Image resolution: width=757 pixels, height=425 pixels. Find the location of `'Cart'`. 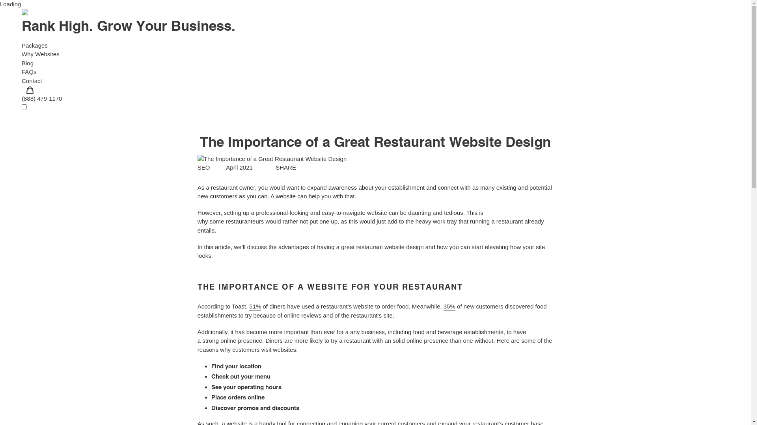

'Cart' is located at coordinates (30, 89).